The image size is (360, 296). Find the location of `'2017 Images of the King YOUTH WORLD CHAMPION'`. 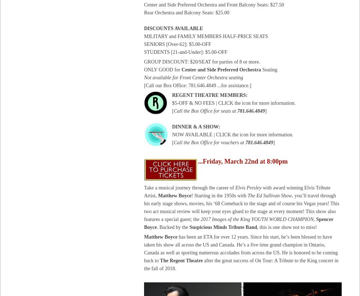

'2017 Images of the King YOUTH WORLD CHAMPION' is located at coordinates (257, 219).